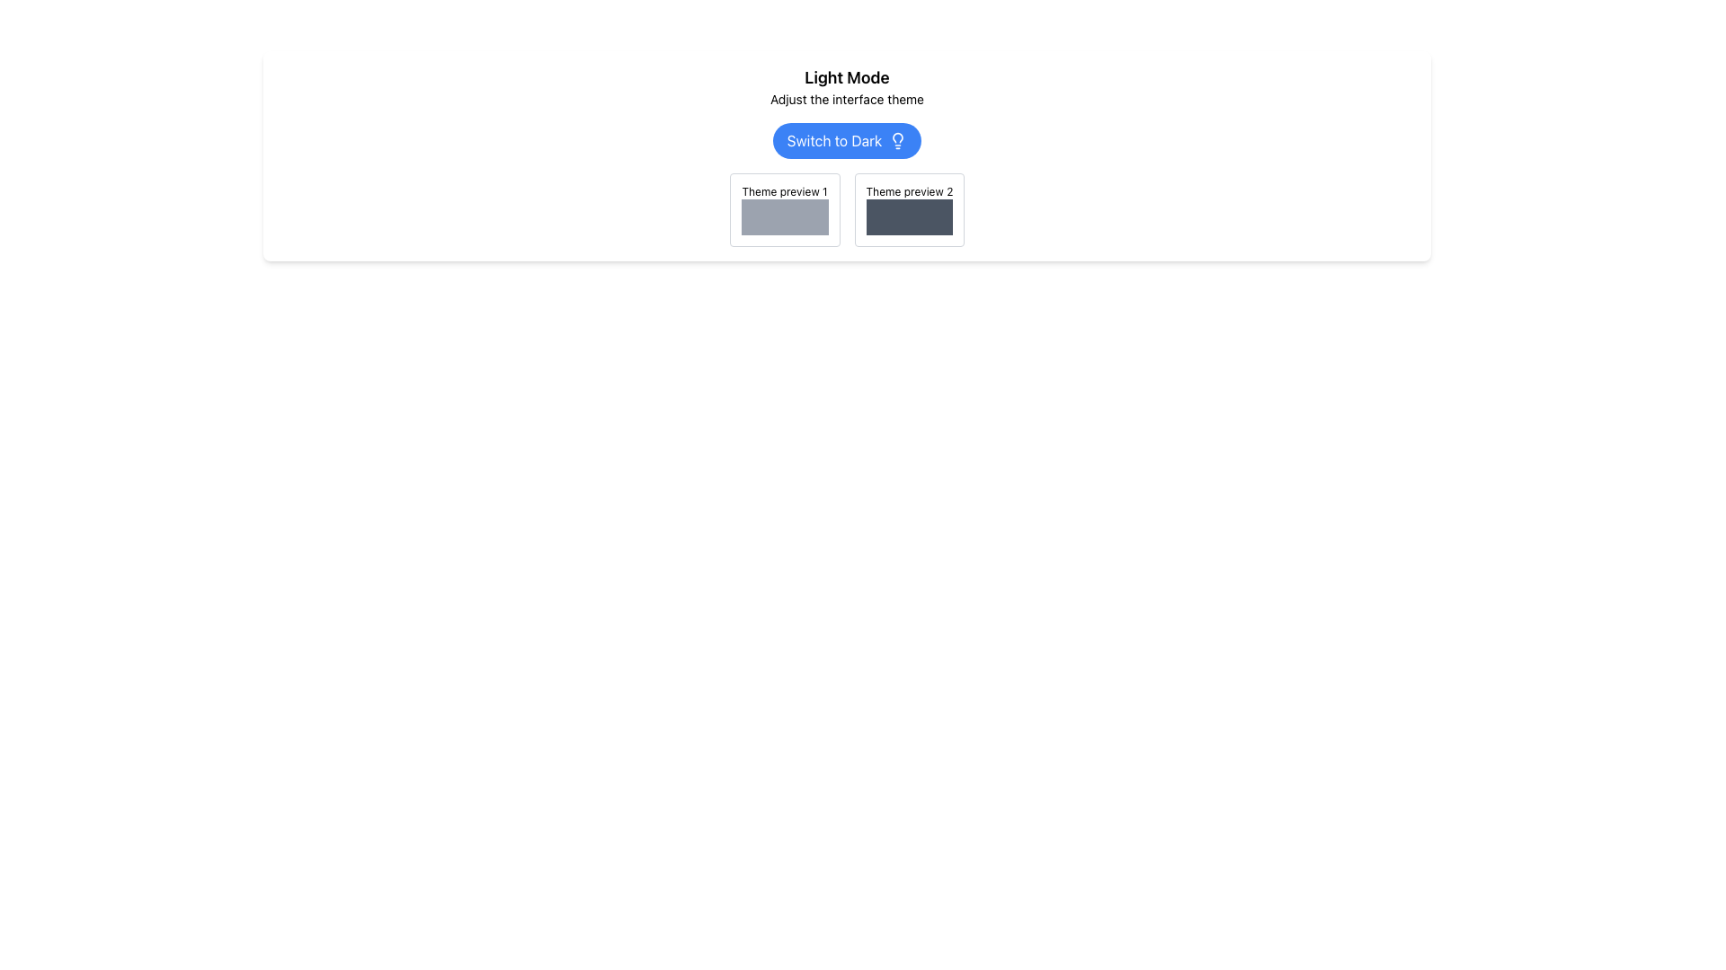 Image resolution: width=1726 pixels, height=970 pixels. Describe the element at coordinates (898, 140) in the screenshot. I see `the decorative icon located to the right of the 'Switch to Dark' text within the blue rounded button` at that location.